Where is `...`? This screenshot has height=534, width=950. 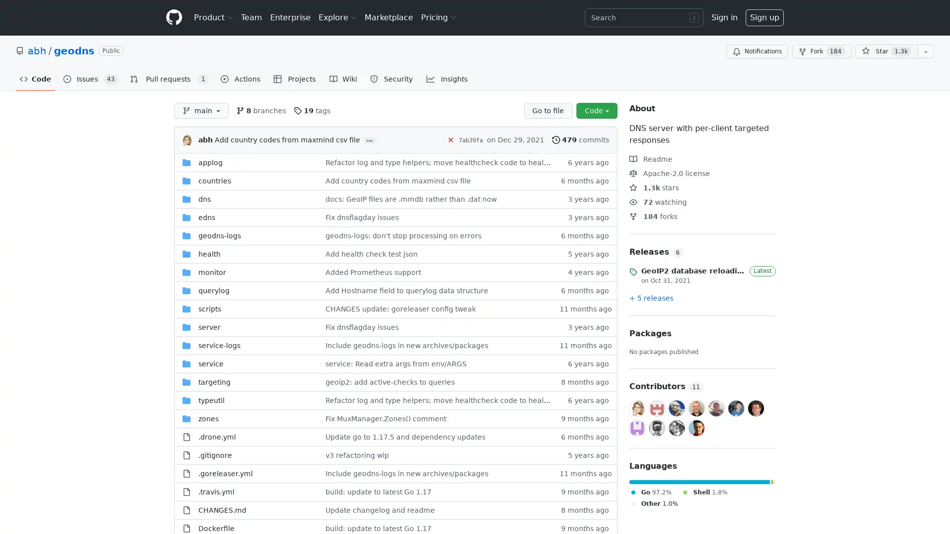
... is located at coordinates (369, 140).